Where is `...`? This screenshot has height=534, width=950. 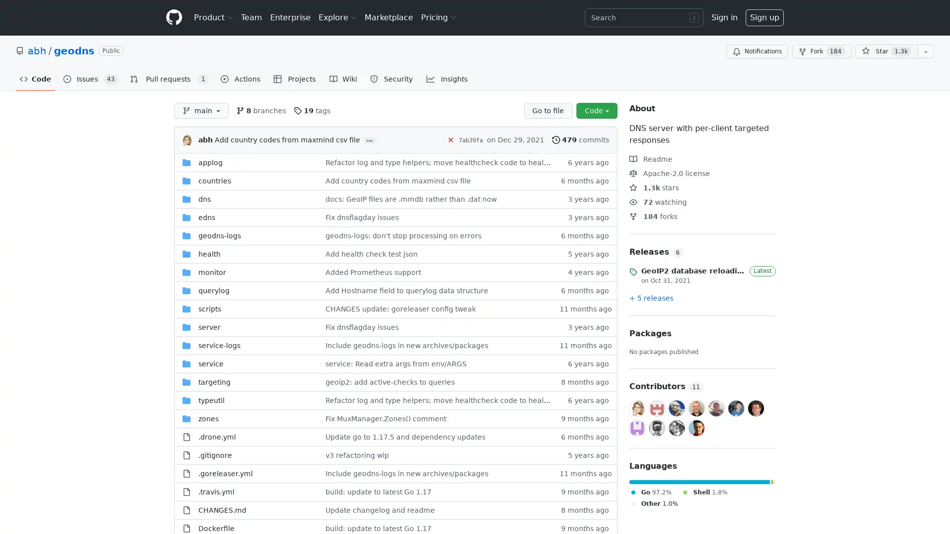
... is located at coordinates (369, 140).